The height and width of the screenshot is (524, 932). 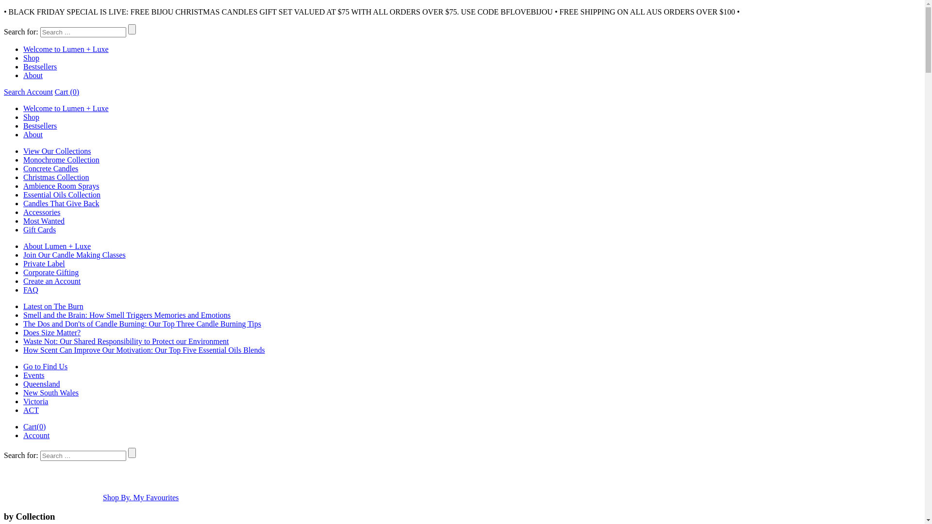 I want to click on 'Victoria', so click(x=23, y=401).